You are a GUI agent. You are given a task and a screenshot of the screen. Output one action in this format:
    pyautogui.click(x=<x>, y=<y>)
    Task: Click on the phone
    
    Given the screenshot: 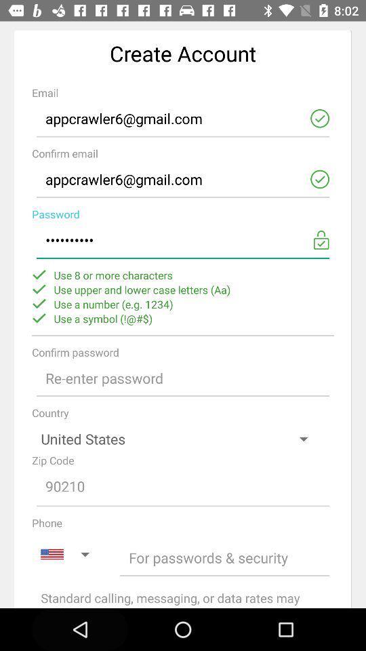 What is the action you would take?
    pyautogui.click(x=224, y=557)
    